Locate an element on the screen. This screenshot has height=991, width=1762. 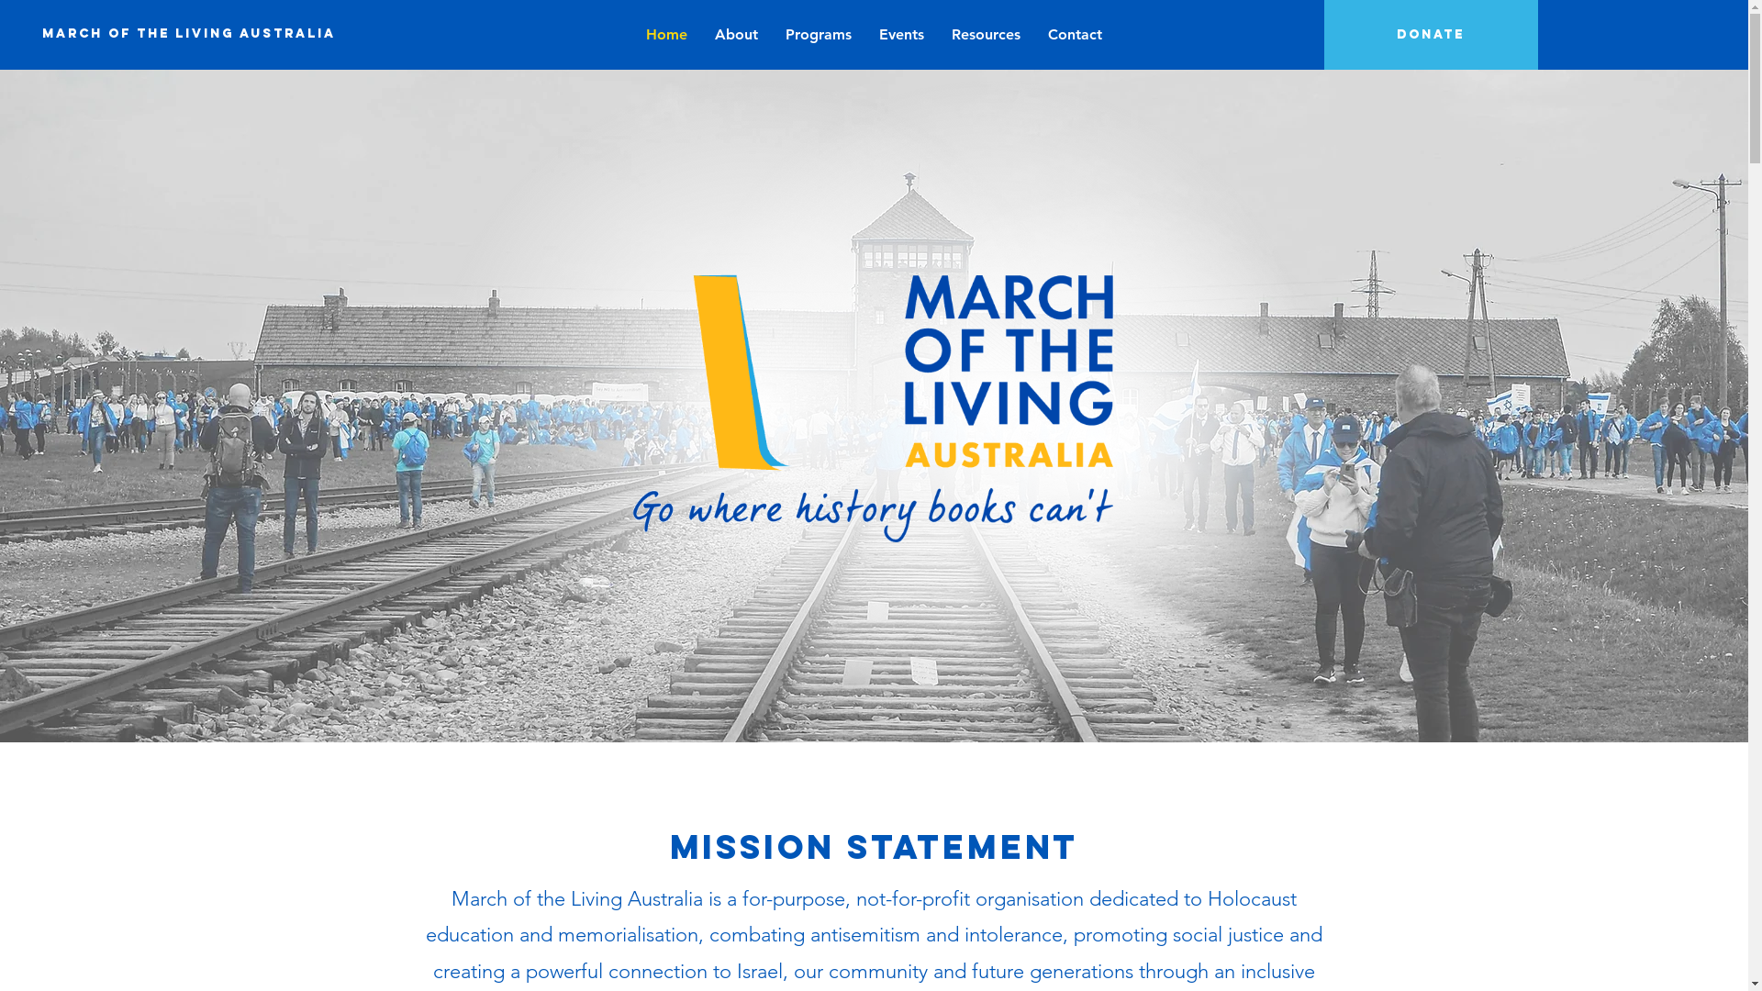
'Programs' is located at coordinates (818, 34).